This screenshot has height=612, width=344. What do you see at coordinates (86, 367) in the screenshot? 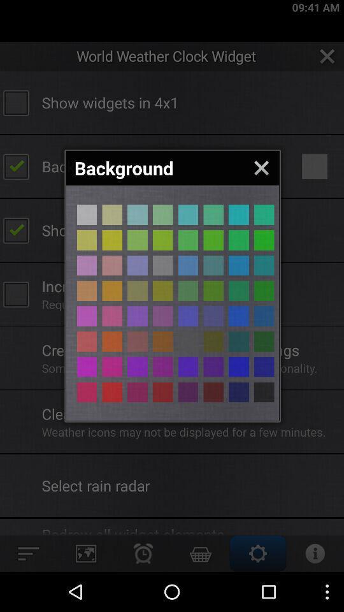
I see `color selection` at bounding box center [86, 367].